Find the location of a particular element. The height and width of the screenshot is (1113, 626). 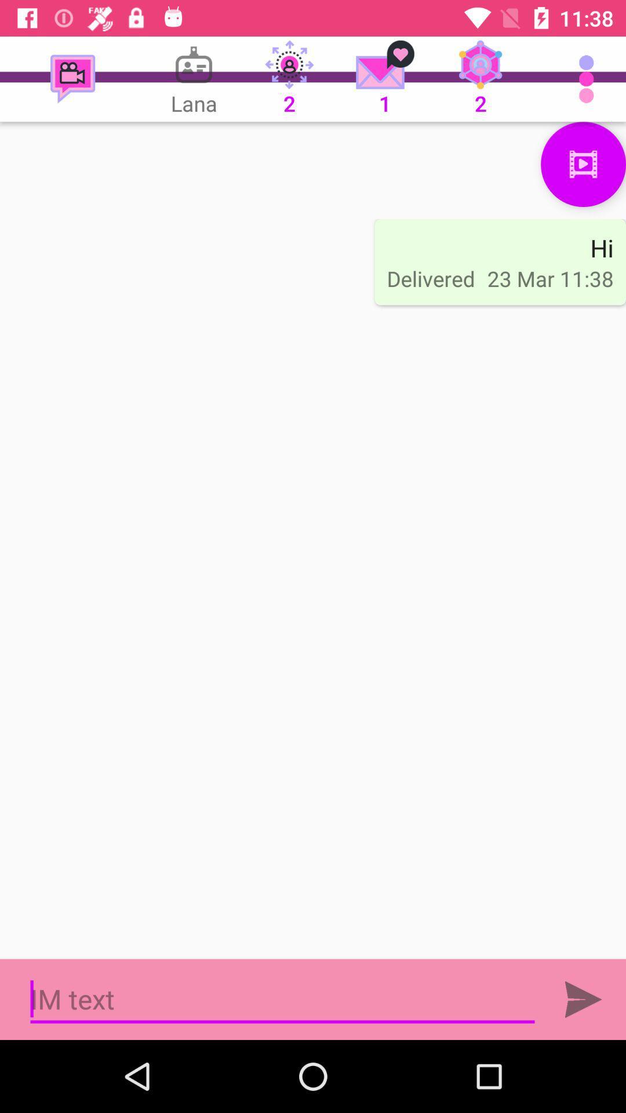

open keyboard is located at coordinates (282, 999).